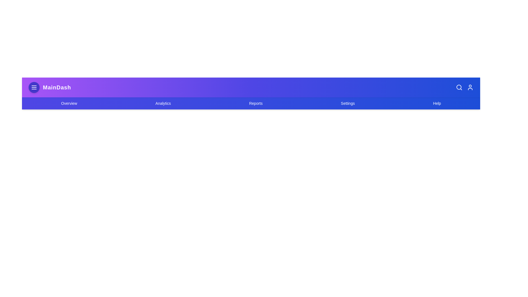 This screenshot has width=528, height=297. Describe the element at coordinates (348, 103) in the screenshot. I see `the navigation link Settings to navigate to its respective section` at that location.